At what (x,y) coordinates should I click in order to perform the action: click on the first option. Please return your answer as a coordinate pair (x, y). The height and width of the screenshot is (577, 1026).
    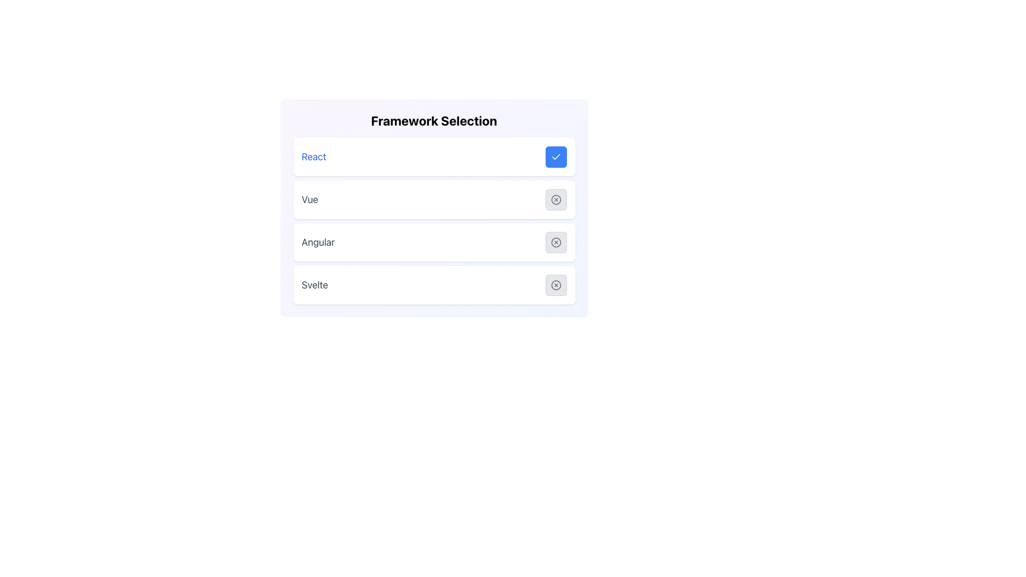
    Looking at the image, I should click on (434, 157).